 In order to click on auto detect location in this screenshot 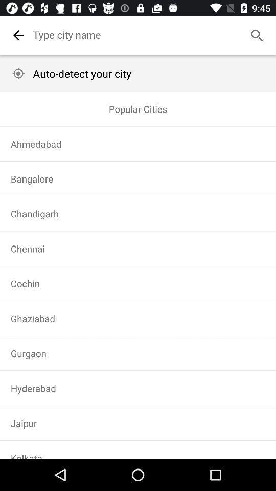, I will do `click(18, 73)`.